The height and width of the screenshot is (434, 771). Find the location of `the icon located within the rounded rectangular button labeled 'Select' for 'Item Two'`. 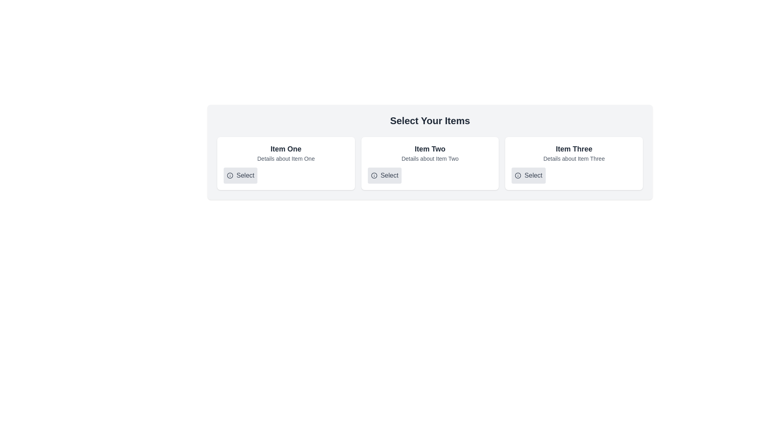

the icon located within the rounded rectangular button labeled 'Select' for 'Item Two' is located at coordinates (373, 175).